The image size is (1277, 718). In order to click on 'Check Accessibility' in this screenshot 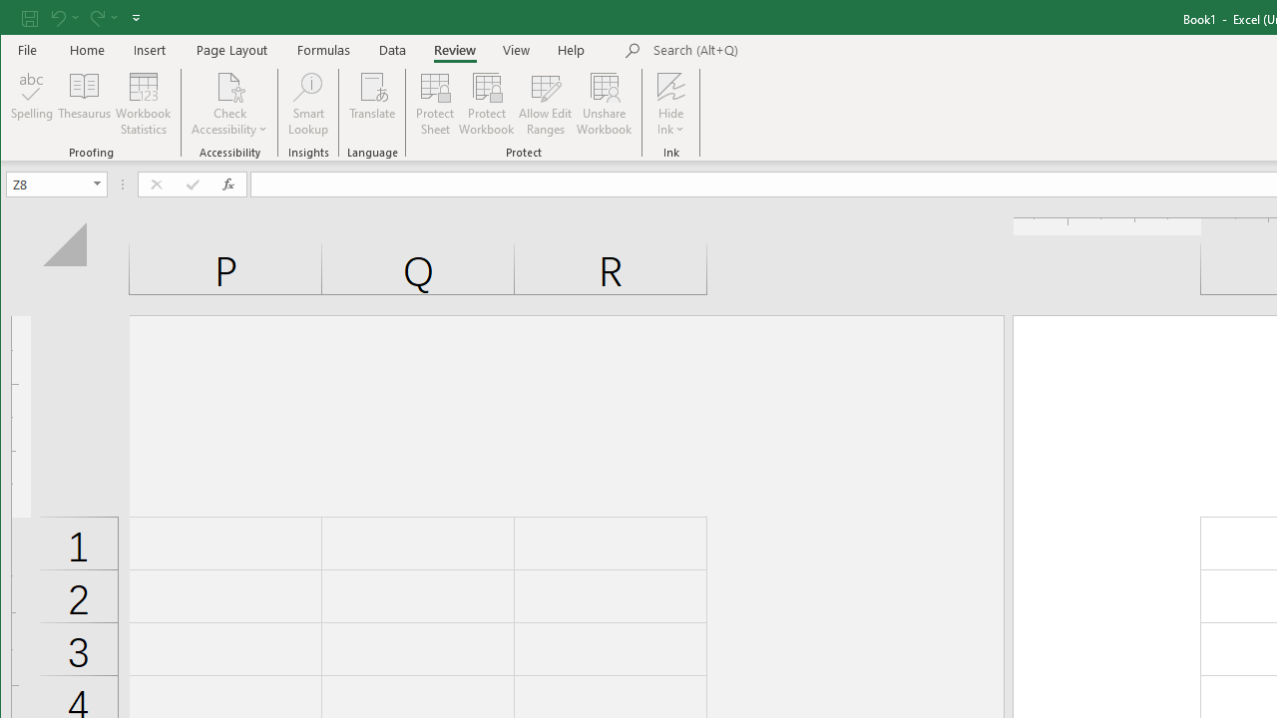, I will do `click(229, 104)`.